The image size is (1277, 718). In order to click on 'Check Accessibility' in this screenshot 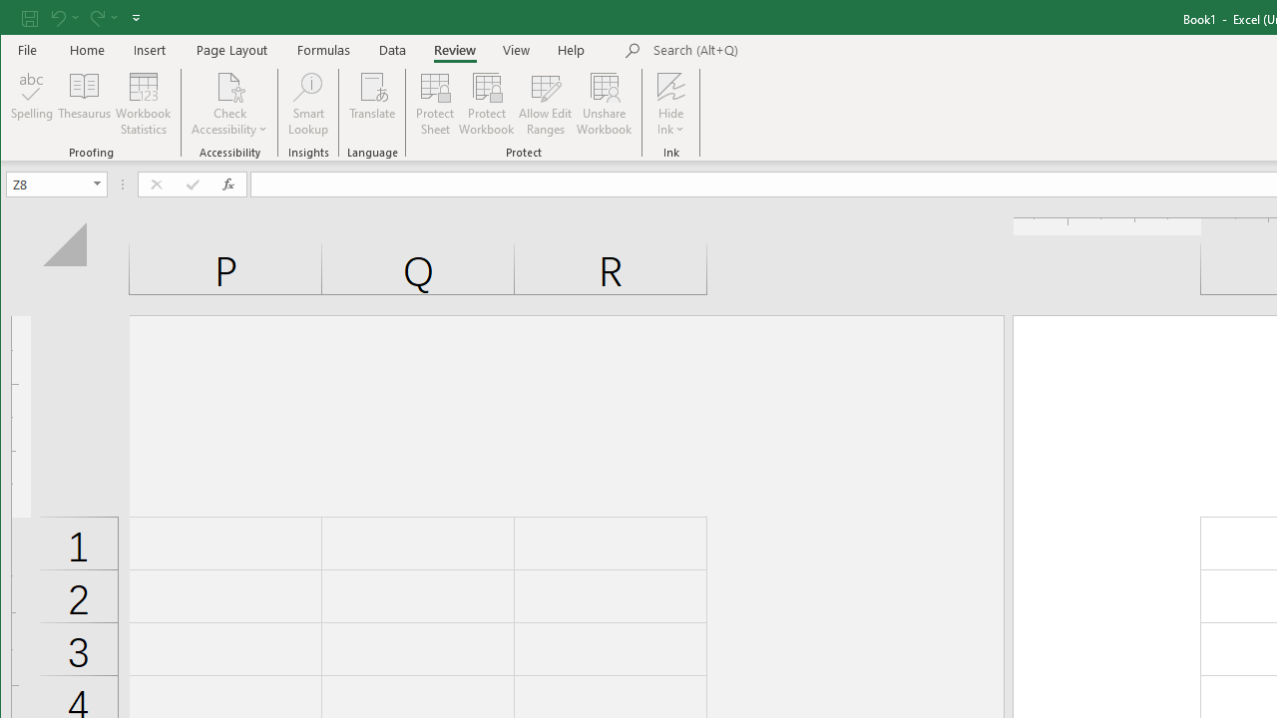, I will do `click(229, 104)`.